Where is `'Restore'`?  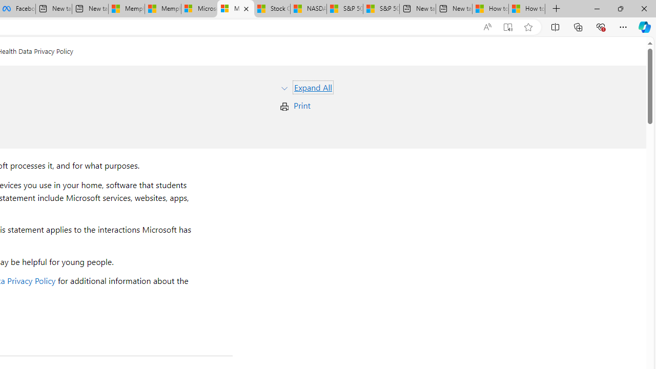 'Restore' is located at coordinates (620, 8).